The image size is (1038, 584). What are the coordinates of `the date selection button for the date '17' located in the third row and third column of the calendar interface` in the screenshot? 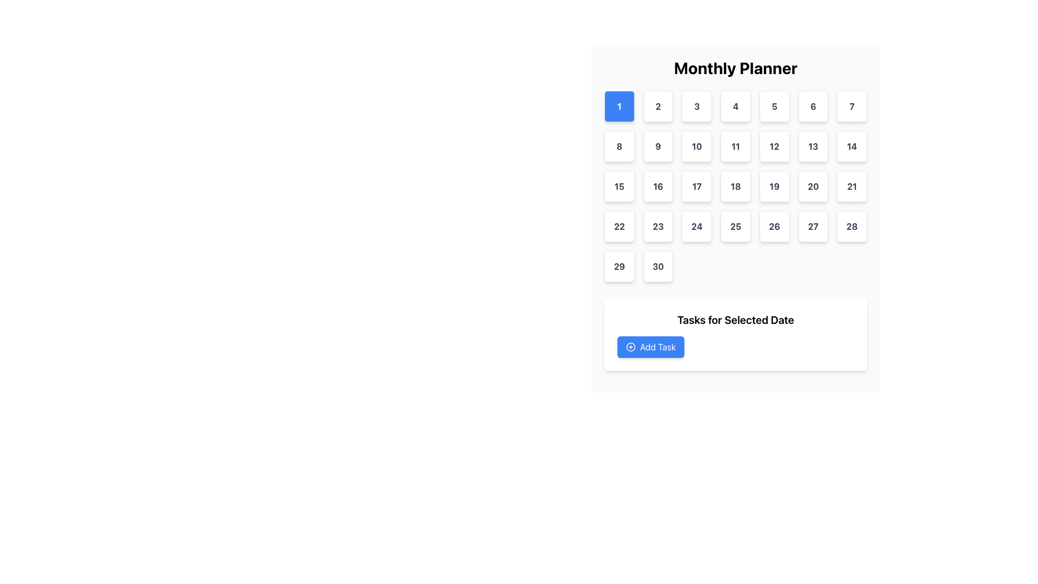 It's located at (697, 185).